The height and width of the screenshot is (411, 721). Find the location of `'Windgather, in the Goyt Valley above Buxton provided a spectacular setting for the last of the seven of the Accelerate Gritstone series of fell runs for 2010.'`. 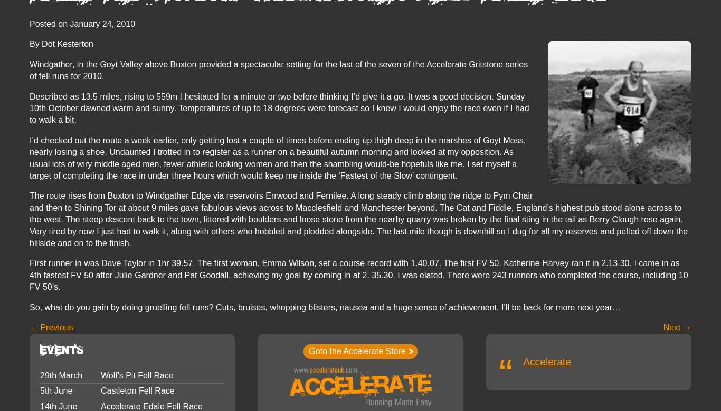

'Windgather, in the Goyt Valley above Buxton provided a spectacular setting for the last of the seven of the Accelerate Gritstone series of fell runs for 2010.' is located at coordinates (278, 69).